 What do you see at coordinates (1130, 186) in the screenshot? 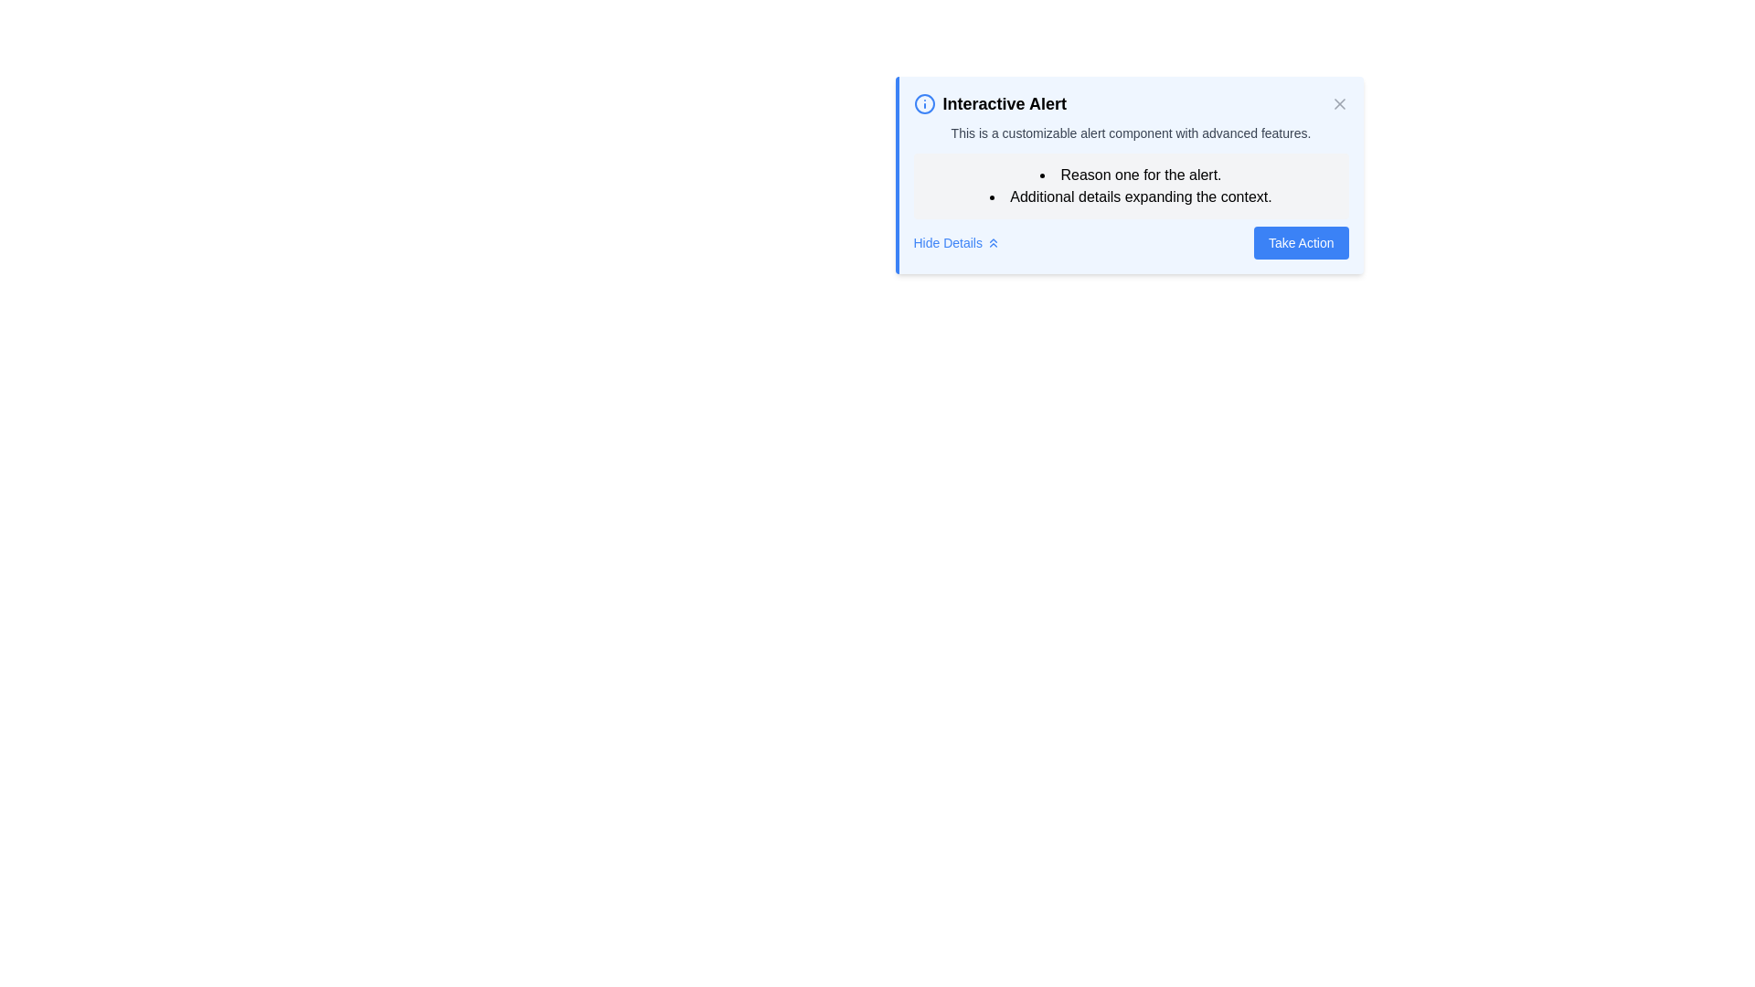
I see `the bullet-pointed list element containing the text 'Reason one for the alert.' and 'Additional details expanding the context.' which is located inside a light gray background box beneath the primary alert message and above the 'Take Action' button` at bounding box center [1130, 186].